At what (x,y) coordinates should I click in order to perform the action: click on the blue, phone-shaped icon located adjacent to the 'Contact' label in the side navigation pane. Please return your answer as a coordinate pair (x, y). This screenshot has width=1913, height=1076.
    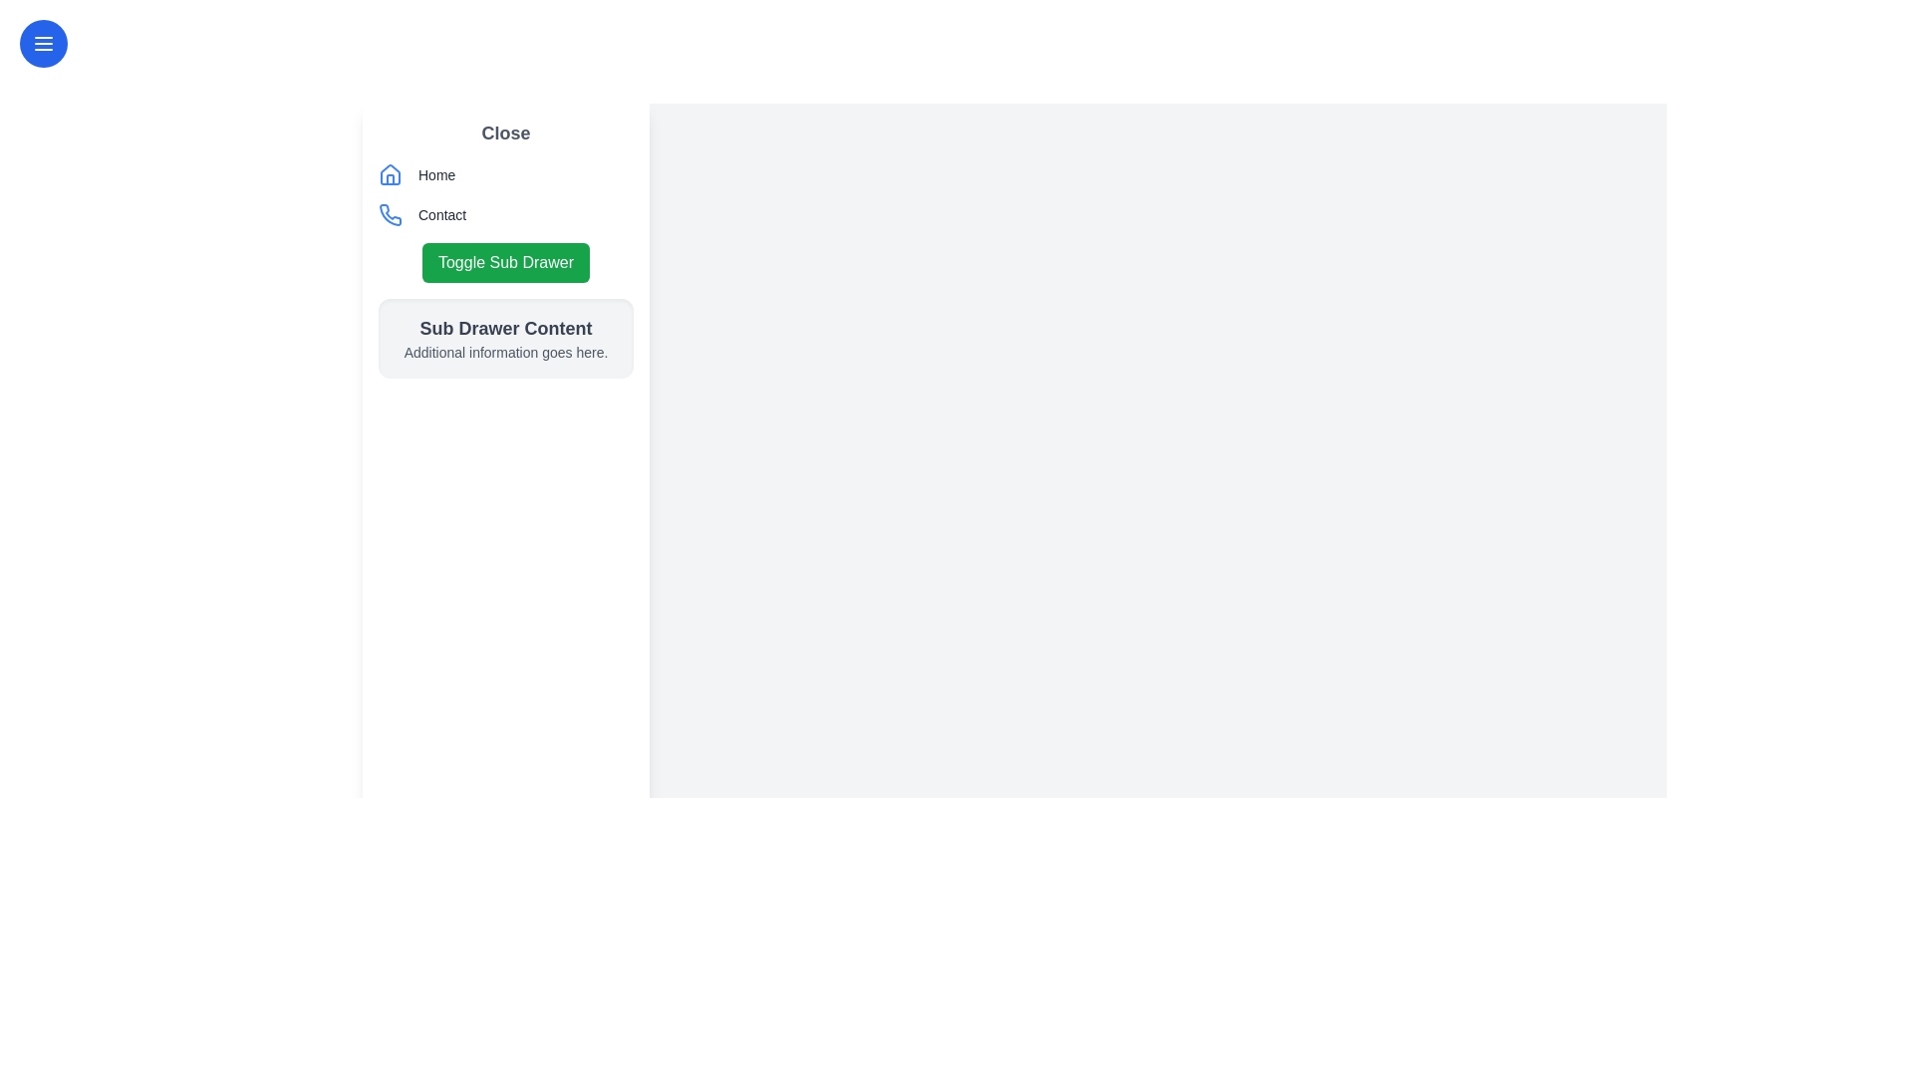
    Looking at the image, I should click on (391, 215).